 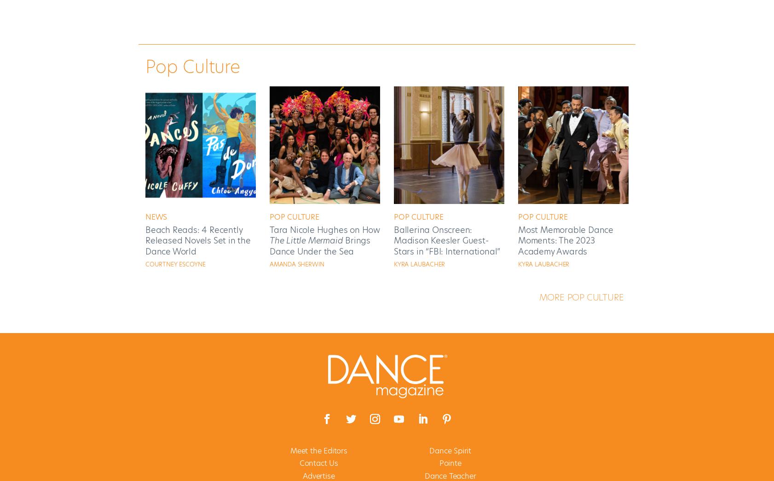 What do you see at coordinates (270, 229) in the screenshot?
I see `'Tara Nicole Hughes on How'` at bounding box center [270, 229].